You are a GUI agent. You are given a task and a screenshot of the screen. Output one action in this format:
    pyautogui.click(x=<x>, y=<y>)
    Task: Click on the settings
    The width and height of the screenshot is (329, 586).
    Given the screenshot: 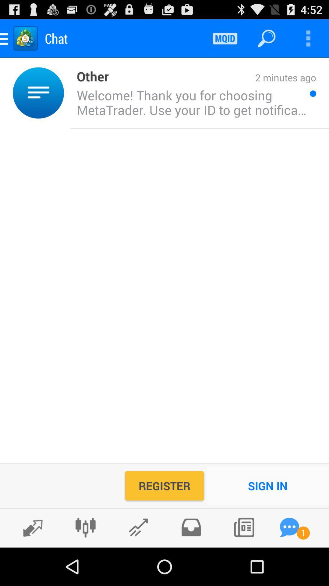 What is the action you would take?
    pyautogui.click(x=85, y=527)
    